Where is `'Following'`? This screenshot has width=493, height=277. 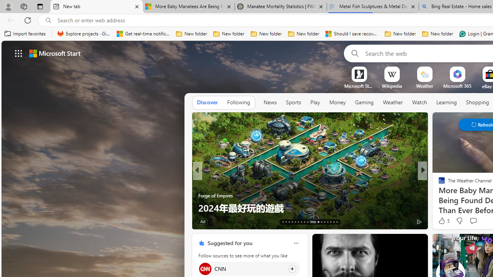
'Following' is located at coordinates (238, 102).